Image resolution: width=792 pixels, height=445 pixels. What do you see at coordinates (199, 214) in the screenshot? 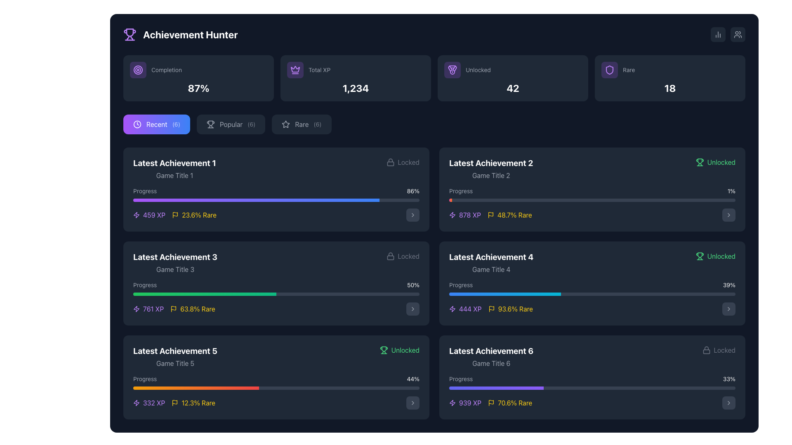
I see `rarity percentage text label ('23.6% Rare') located in the 'Latest Achievement 1' section, under the 'Progress' subsection, to the right of the XP value ('459 XP')` at bounding box center [199, 214].